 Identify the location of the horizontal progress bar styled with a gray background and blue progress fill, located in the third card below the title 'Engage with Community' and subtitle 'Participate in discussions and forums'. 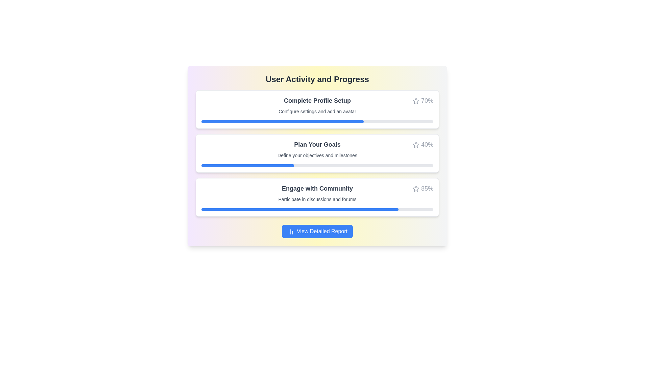
(317, 209).